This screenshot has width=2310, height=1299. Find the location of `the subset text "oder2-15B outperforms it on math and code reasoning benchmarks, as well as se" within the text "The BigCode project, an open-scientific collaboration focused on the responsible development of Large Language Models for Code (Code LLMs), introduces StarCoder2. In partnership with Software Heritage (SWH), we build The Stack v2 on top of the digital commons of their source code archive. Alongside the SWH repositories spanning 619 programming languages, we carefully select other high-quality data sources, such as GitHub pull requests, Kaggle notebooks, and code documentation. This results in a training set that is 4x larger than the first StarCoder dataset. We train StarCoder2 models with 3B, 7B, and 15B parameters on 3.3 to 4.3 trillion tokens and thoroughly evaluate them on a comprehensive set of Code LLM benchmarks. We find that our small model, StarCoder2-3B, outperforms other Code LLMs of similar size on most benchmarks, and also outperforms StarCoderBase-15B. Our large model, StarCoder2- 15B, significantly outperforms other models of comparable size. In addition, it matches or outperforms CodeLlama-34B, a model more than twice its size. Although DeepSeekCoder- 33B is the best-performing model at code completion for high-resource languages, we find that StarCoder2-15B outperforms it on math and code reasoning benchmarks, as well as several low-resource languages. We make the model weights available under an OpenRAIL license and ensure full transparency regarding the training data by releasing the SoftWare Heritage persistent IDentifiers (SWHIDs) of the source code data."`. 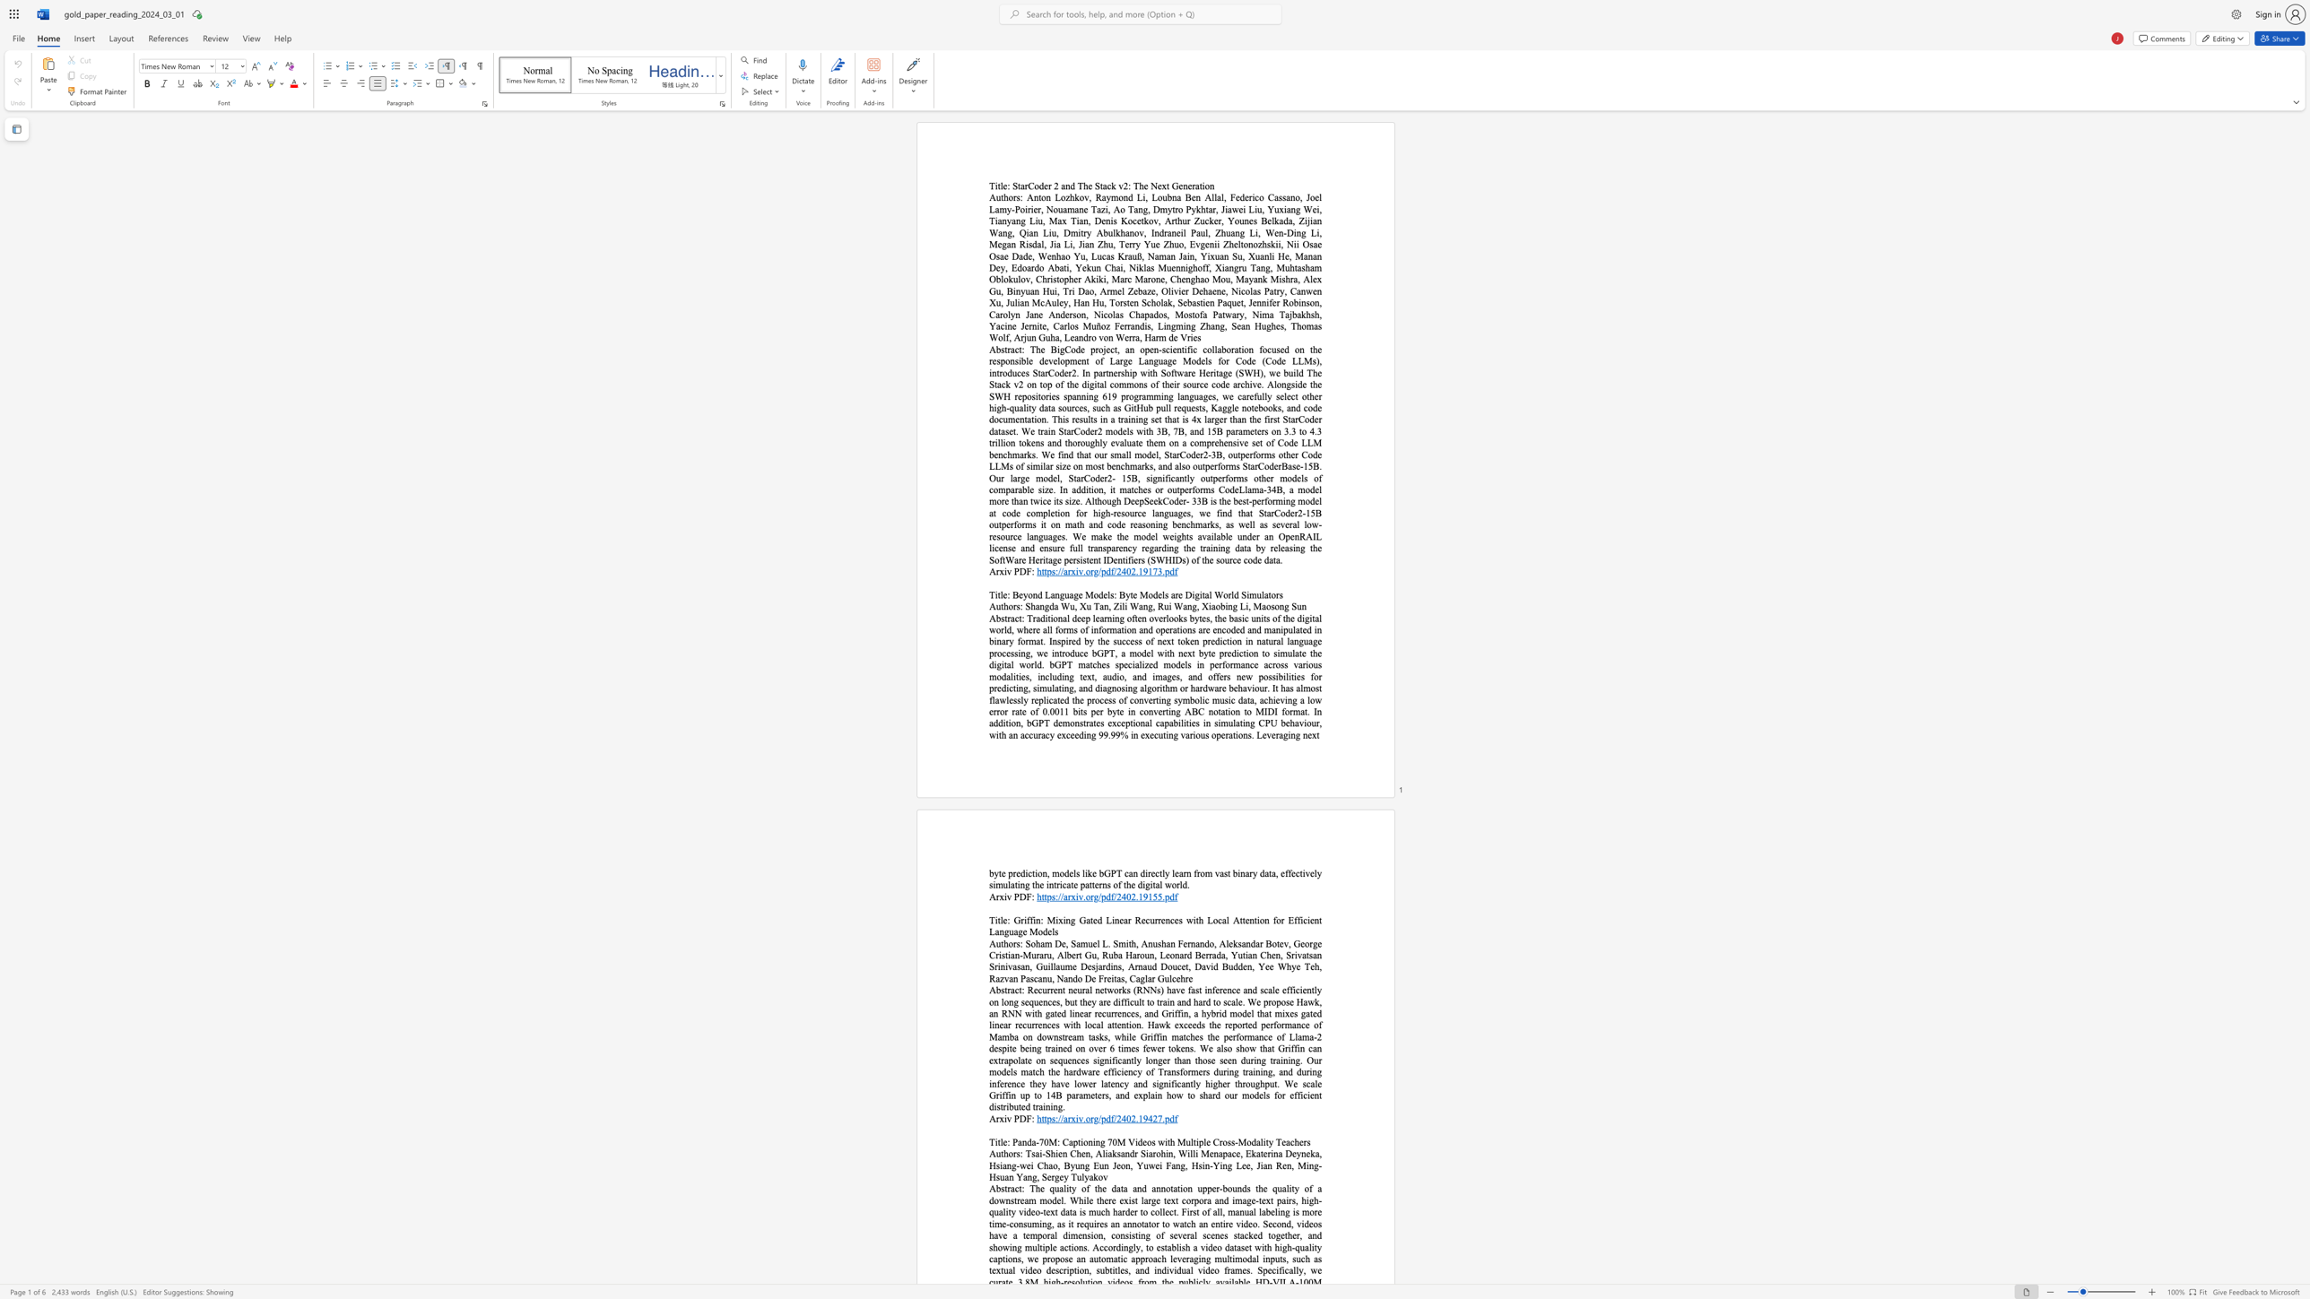

the subset text "oder2-15B outperforms it on math and code reasoning benchmarks, as well as se" within the text "The BigCode project, an open-scientific collaboration focused on the responsible development of Large Language Models for Code (Code LLMs), introduces StarCoder2. In partnership with Software Heritage (SWH), we build The Stack v2 on top of the digital commons of their source code archive. Alongside the SWH repositories spanning 619 programming languages, we carefully select other high-quality data sources, such as GitHub pull requests, Kaggle notebooks, and code documentation. This results in a training set that is 4x larger than the first StarCoder dataset. We train StarCoder2 models with 3B, 7B, and 15B parameters on 3.3 to 4.3 trillion tokens and thoroughly evaluate them on a comprehensive set of Code LLM benchmarks. We find that our small model, StarCoder2-3B, outperforms other Code LLMs of similar size on most benchmarks, and also outperforms StarCoderBase-15B. Our large model, StarCoder2- 15B, significantly outperforms other models of comparable size. In addition, it matches or outperforms CodeLlama-34B, a model more than twice its size. Although DeepSeekCoder- 33B is the best-performing model at code completion for high-resource languages, we find that StarCoder2-15B outperforms it on math and code reasoning benchmarks, as well as several low-resource languages. We make the model weights available under an OpenRAIL license and ensure full transparency regarding the training data by releasing the SoftWare Heritage persistent IDentifiers (SWHIDs) of the source code data." is located at coordinates (1280, 513).